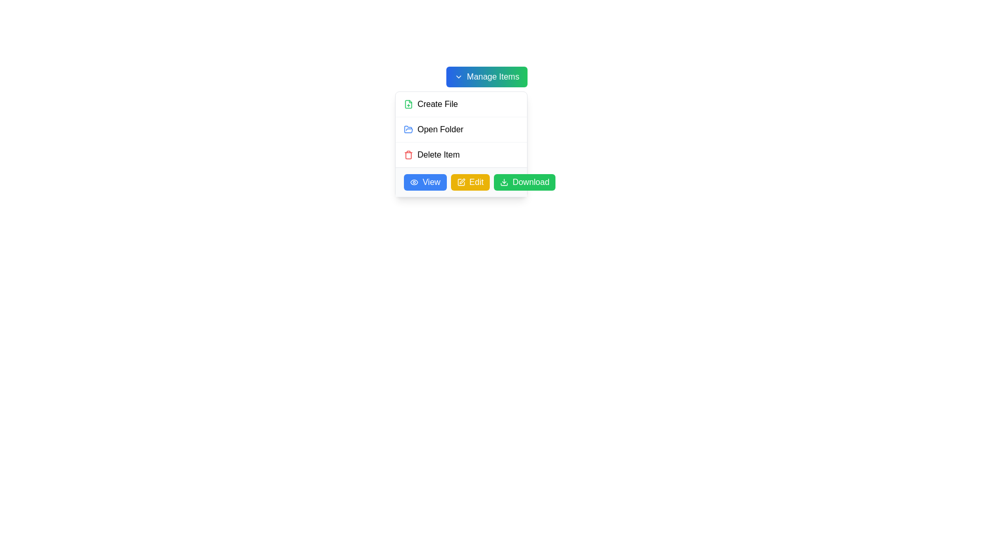 The height and width of the screenshot is (558, 993). I want to click on the rectangular base of the trash icon, which represents the 'Delete Item' functionality in the menu interface, so click(408, 156).